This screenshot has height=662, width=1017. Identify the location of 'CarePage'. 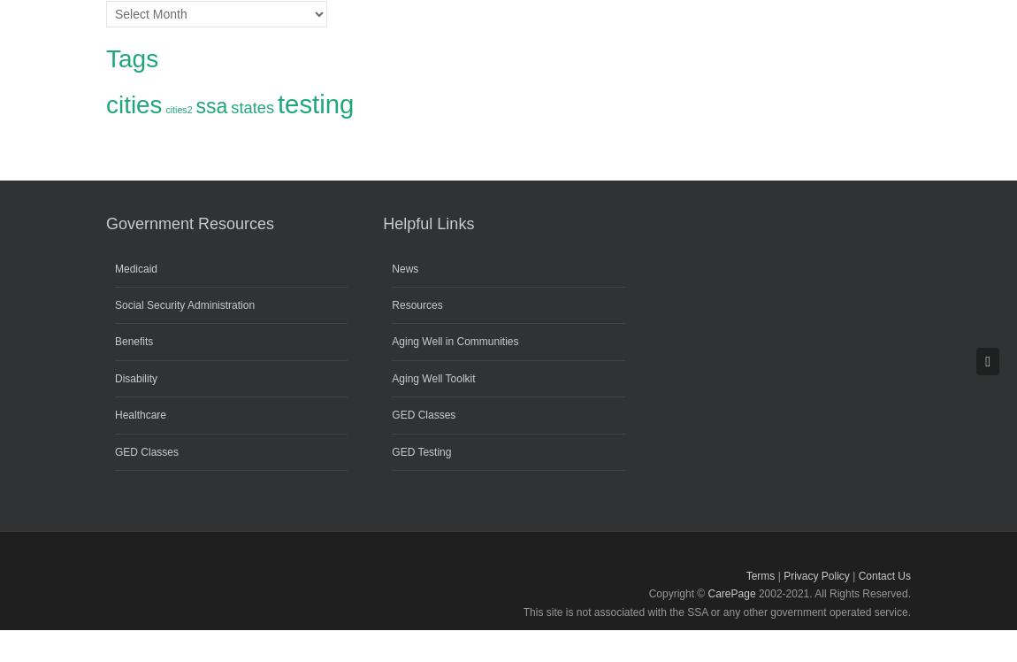
(730, 594).